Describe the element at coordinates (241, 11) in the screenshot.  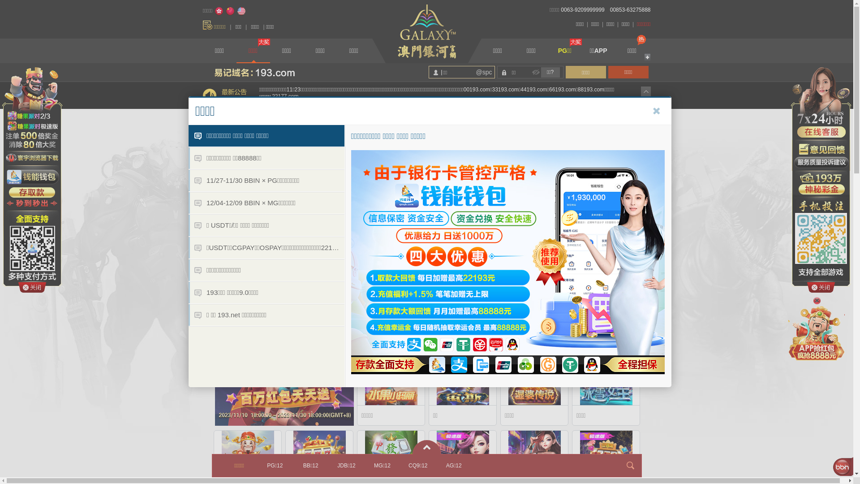
I see `'English'` at that location.